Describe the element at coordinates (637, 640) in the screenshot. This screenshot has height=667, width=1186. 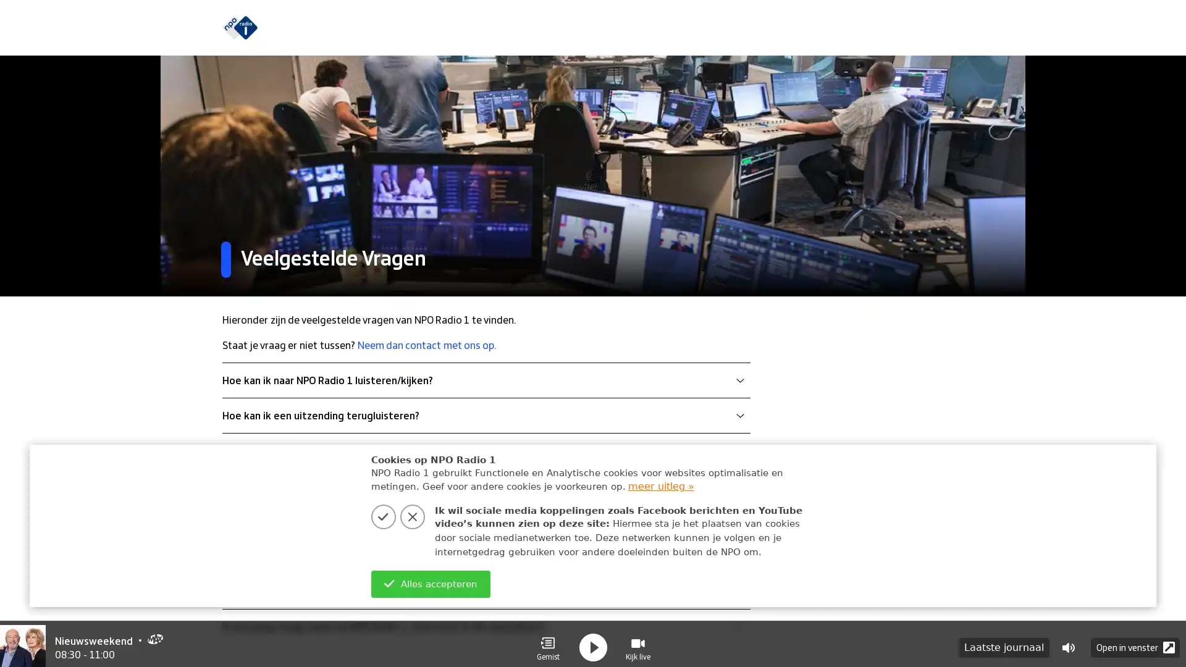
I see `Visual Radio Kijk live` at that location.